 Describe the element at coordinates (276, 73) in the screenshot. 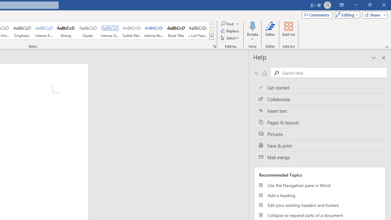

I see `'Search'` at that location.